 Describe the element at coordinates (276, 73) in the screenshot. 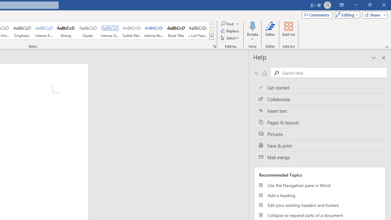

I see `'Search'` at that location.